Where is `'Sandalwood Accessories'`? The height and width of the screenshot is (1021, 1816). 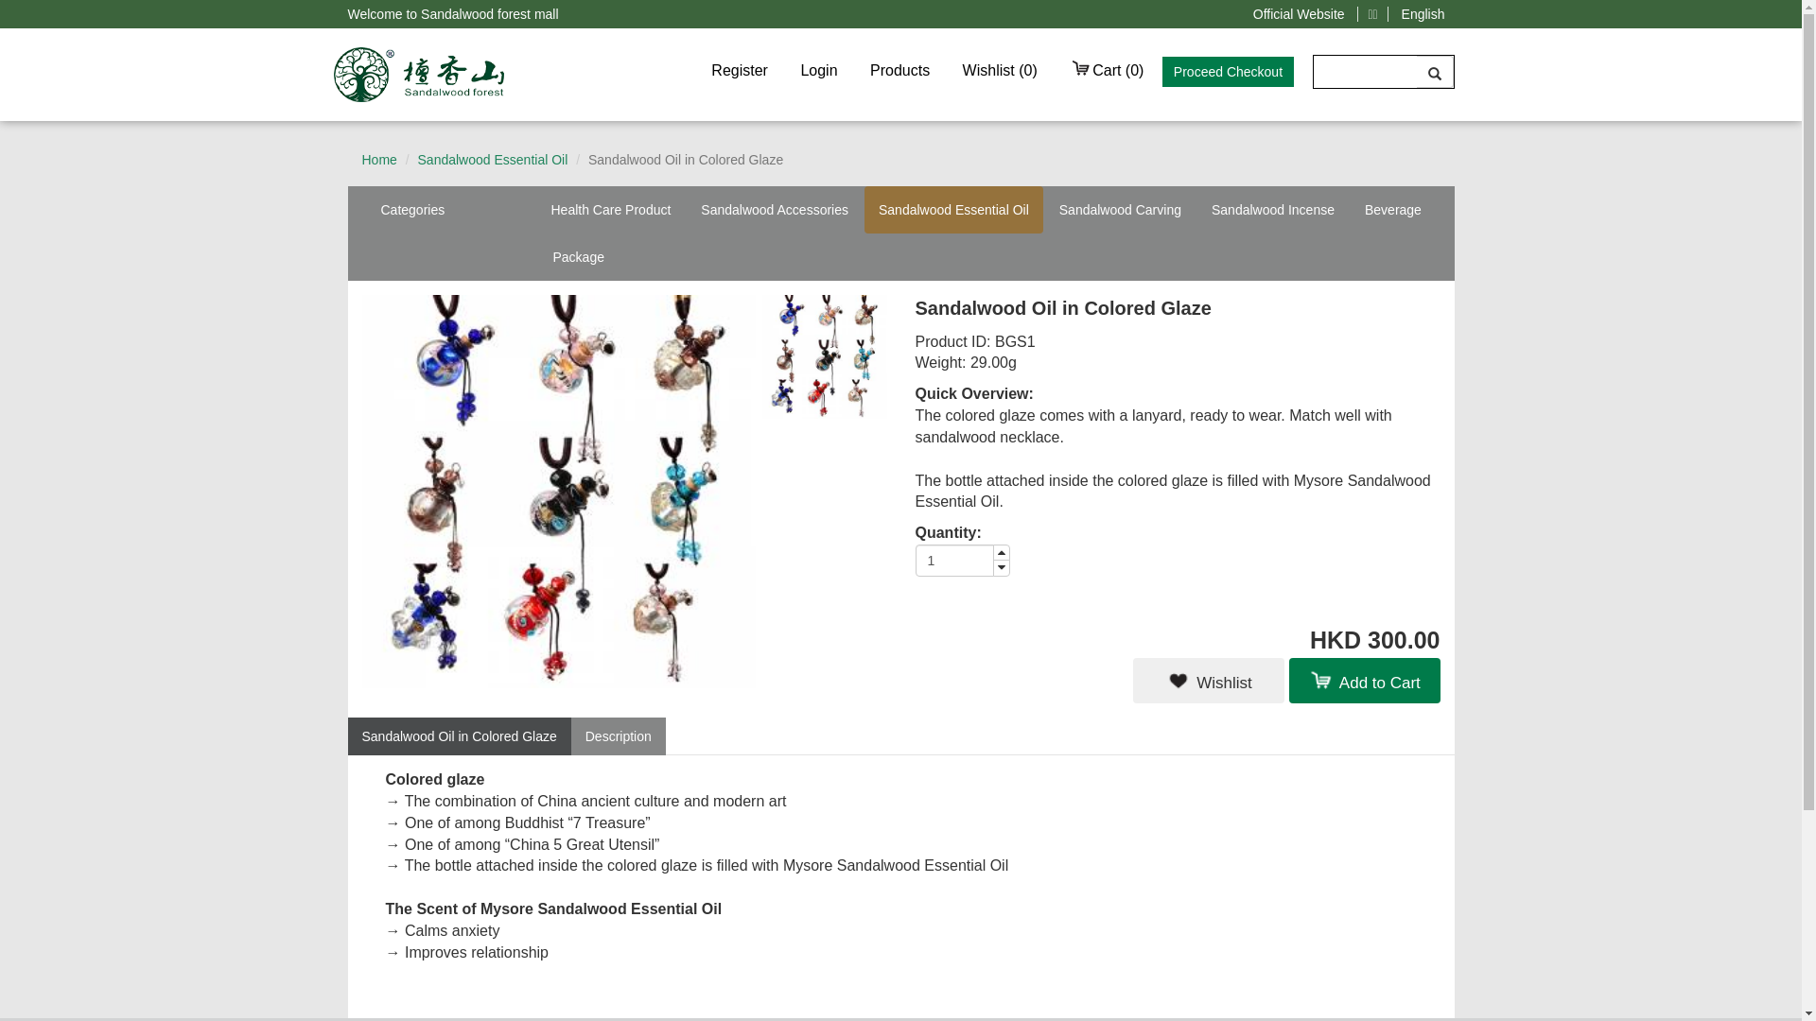
'Sandalwood Accessories' is located at coordinates (775, 210).